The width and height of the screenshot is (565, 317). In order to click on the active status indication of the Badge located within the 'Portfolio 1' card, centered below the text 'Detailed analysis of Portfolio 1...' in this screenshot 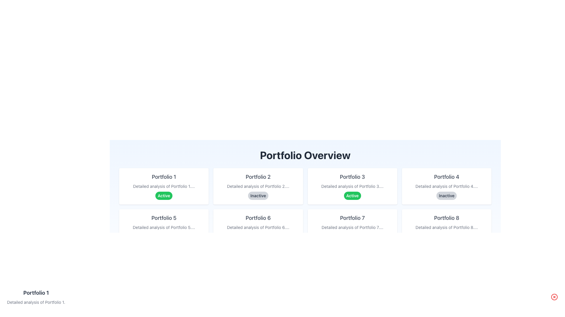, I will do `click(164, 196)`.